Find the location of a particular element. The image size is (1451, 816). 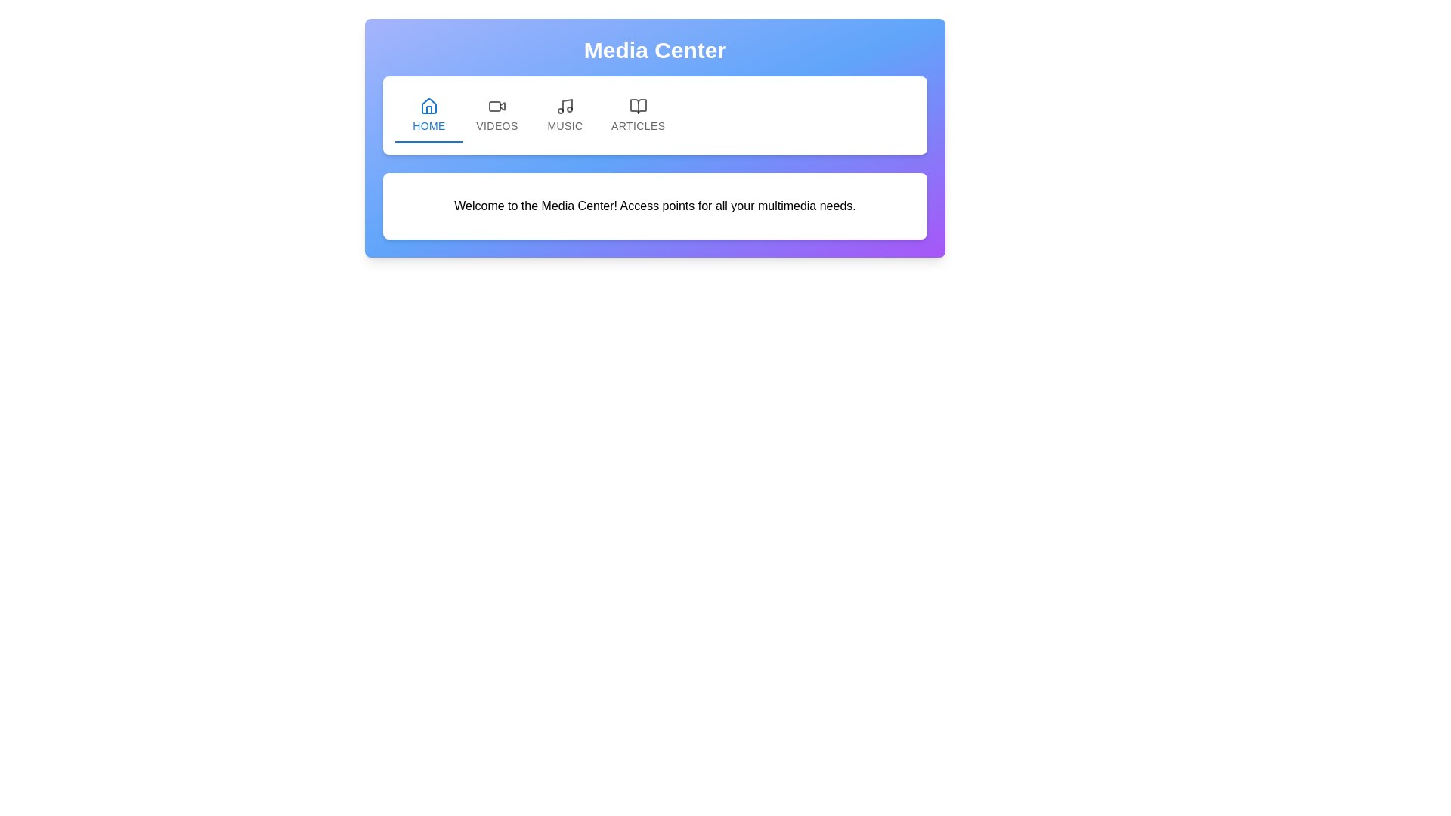

the 'Home' tab in the Media Center is located at coordinates (428, 115).